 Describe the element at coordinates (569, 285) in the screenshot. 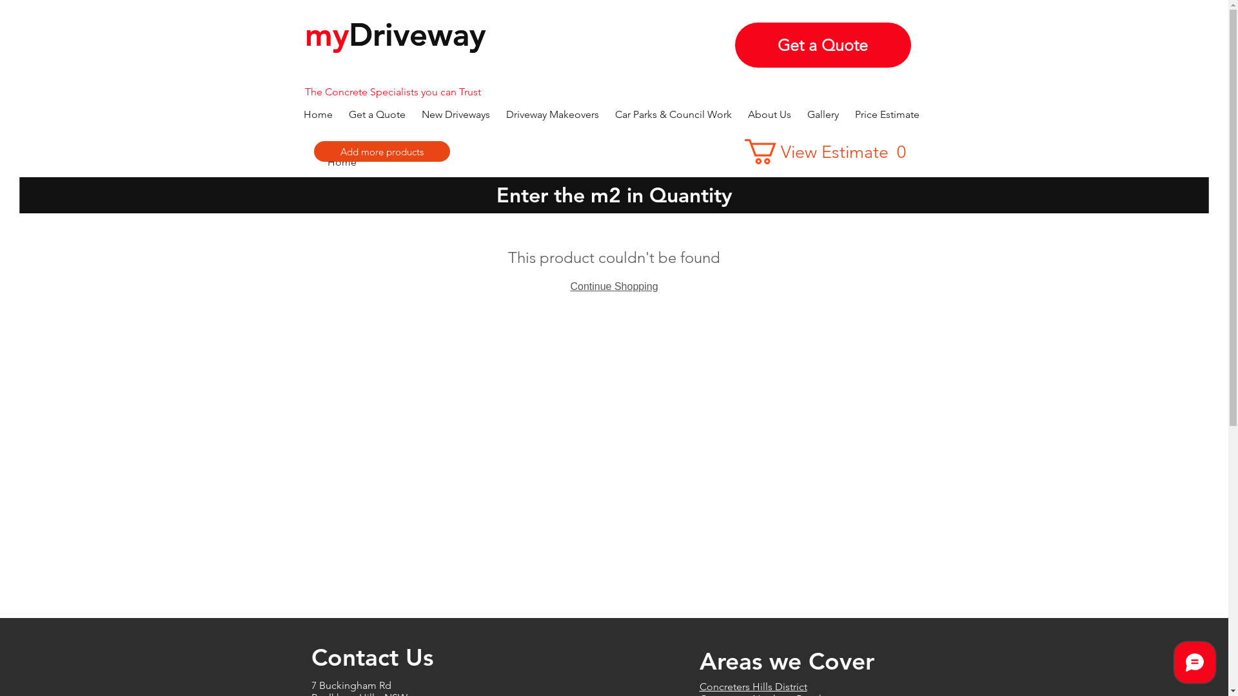

I see `'Continue Shopping'` at that location.